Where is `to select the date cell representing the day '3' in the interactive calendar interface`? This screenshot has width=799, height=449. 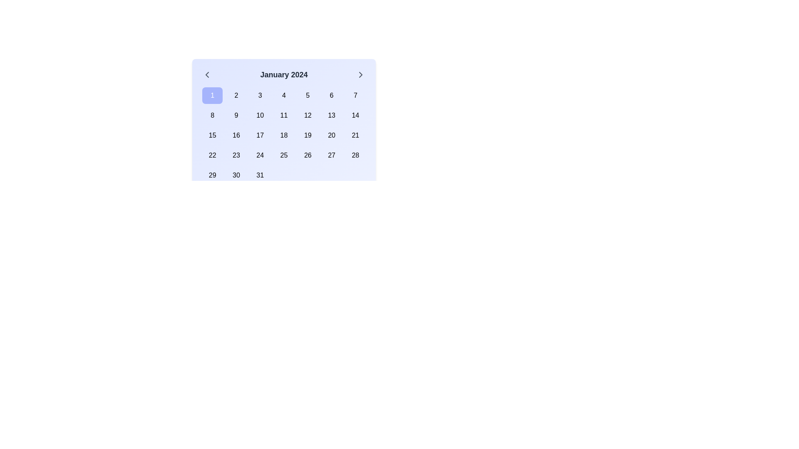 to select the date cell representing the day '3' in the interactive calendar interface is located at coordinates (260, 95).